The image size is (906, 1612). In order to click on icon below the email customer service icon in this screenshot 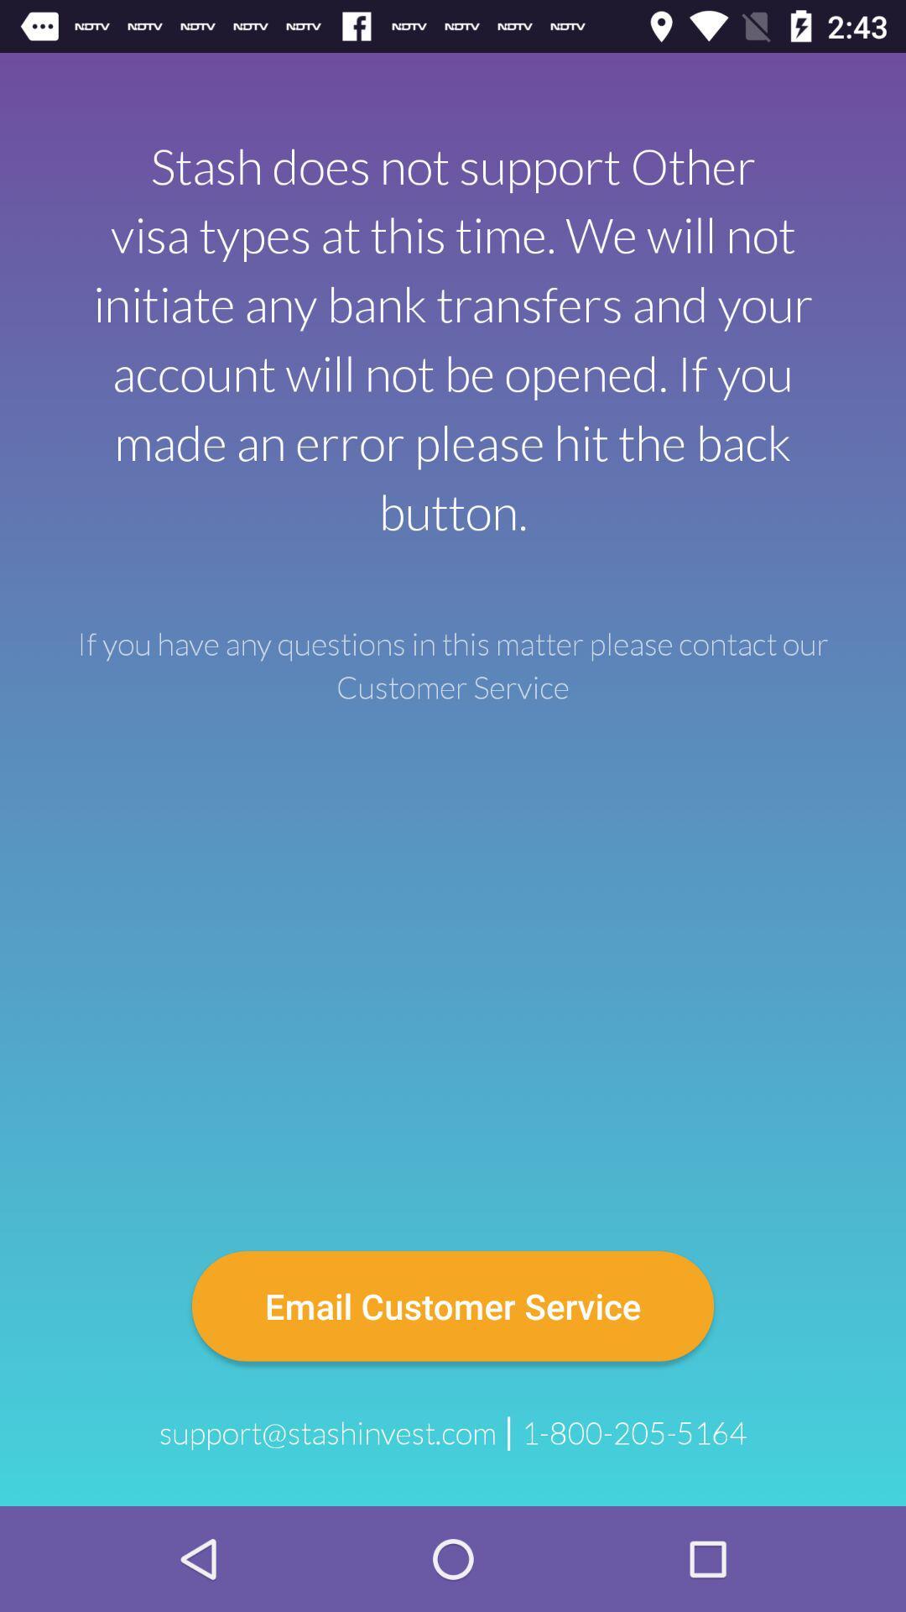, I will do `click(327, 1432)`.